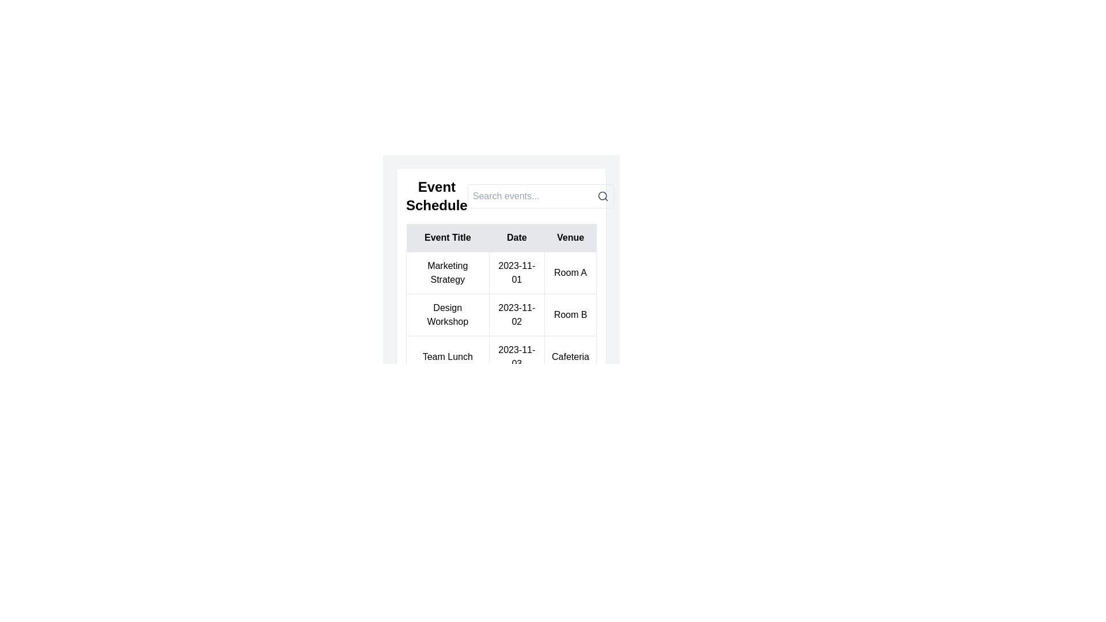 The width and height of the screenshot is (1106, 622). I want to click on the Text display cell that displays the date for the corresponding event in the table, located in the second row under the 'Date' column, so click(501, 315).